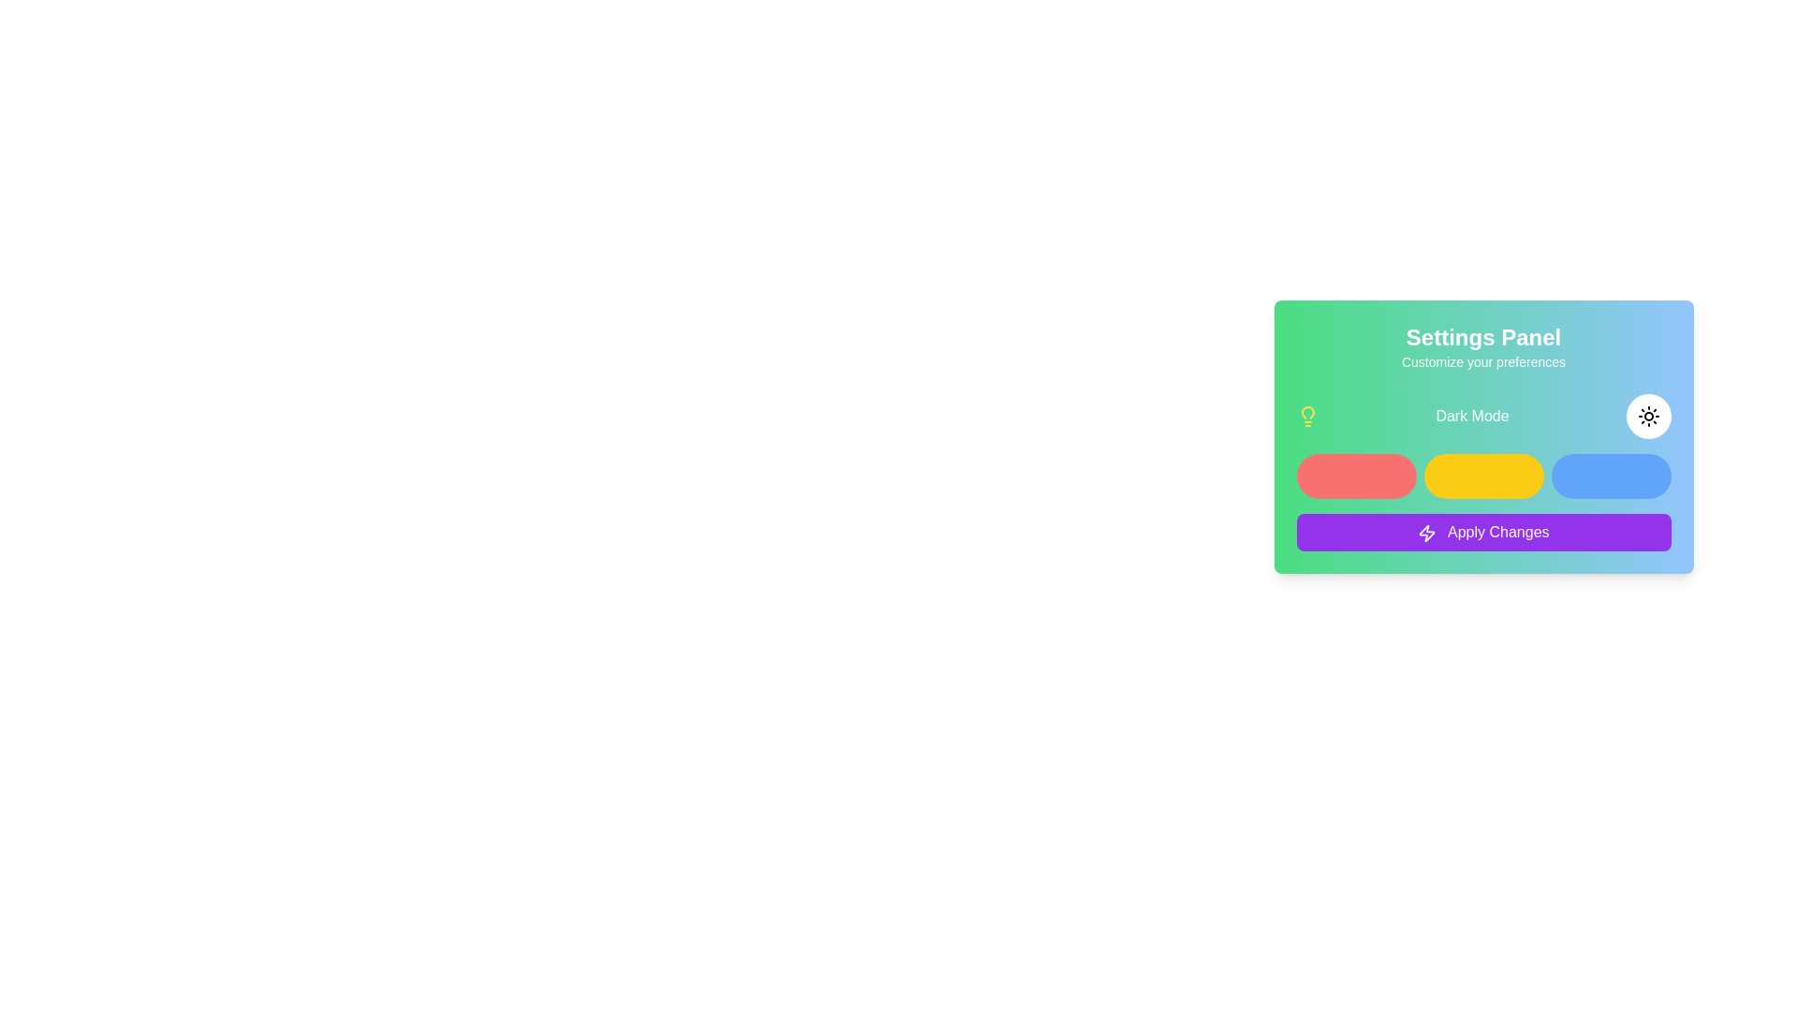  I want to click on the Toggle option bar labeled 'Dark Mode', so click(1482, 415).